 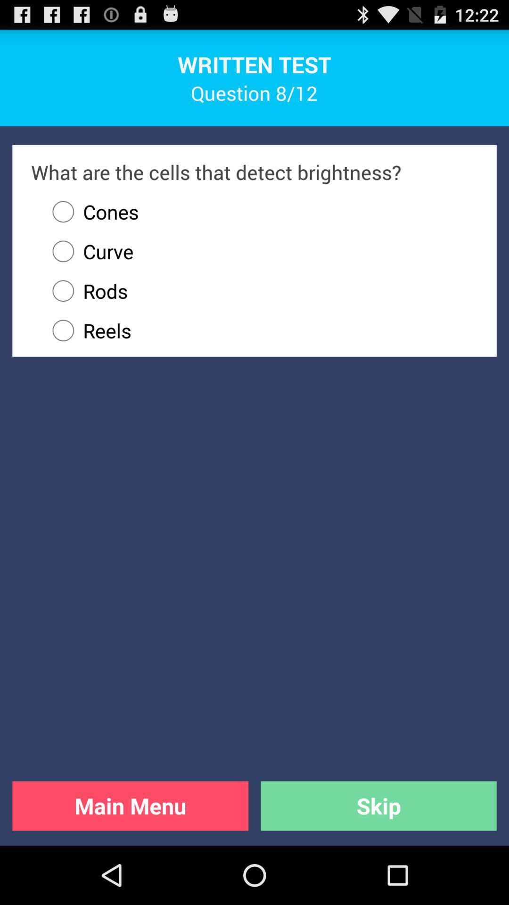 I want to click on the rods radio button, so click(x=261, y=290).